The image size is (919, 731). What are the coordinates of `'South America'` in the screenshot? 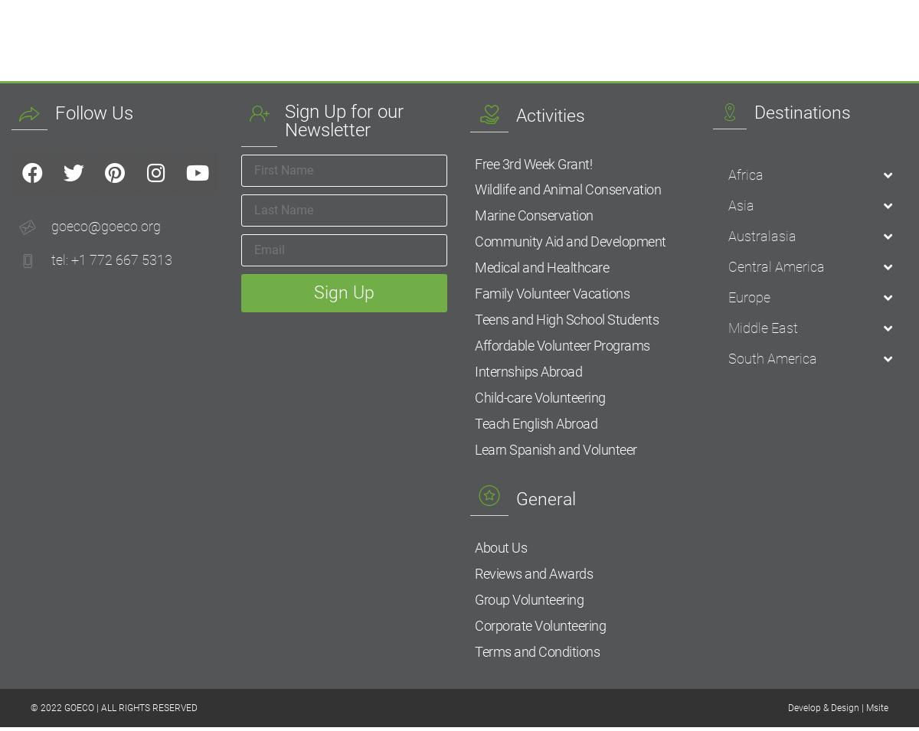 It's located at (772, 357).